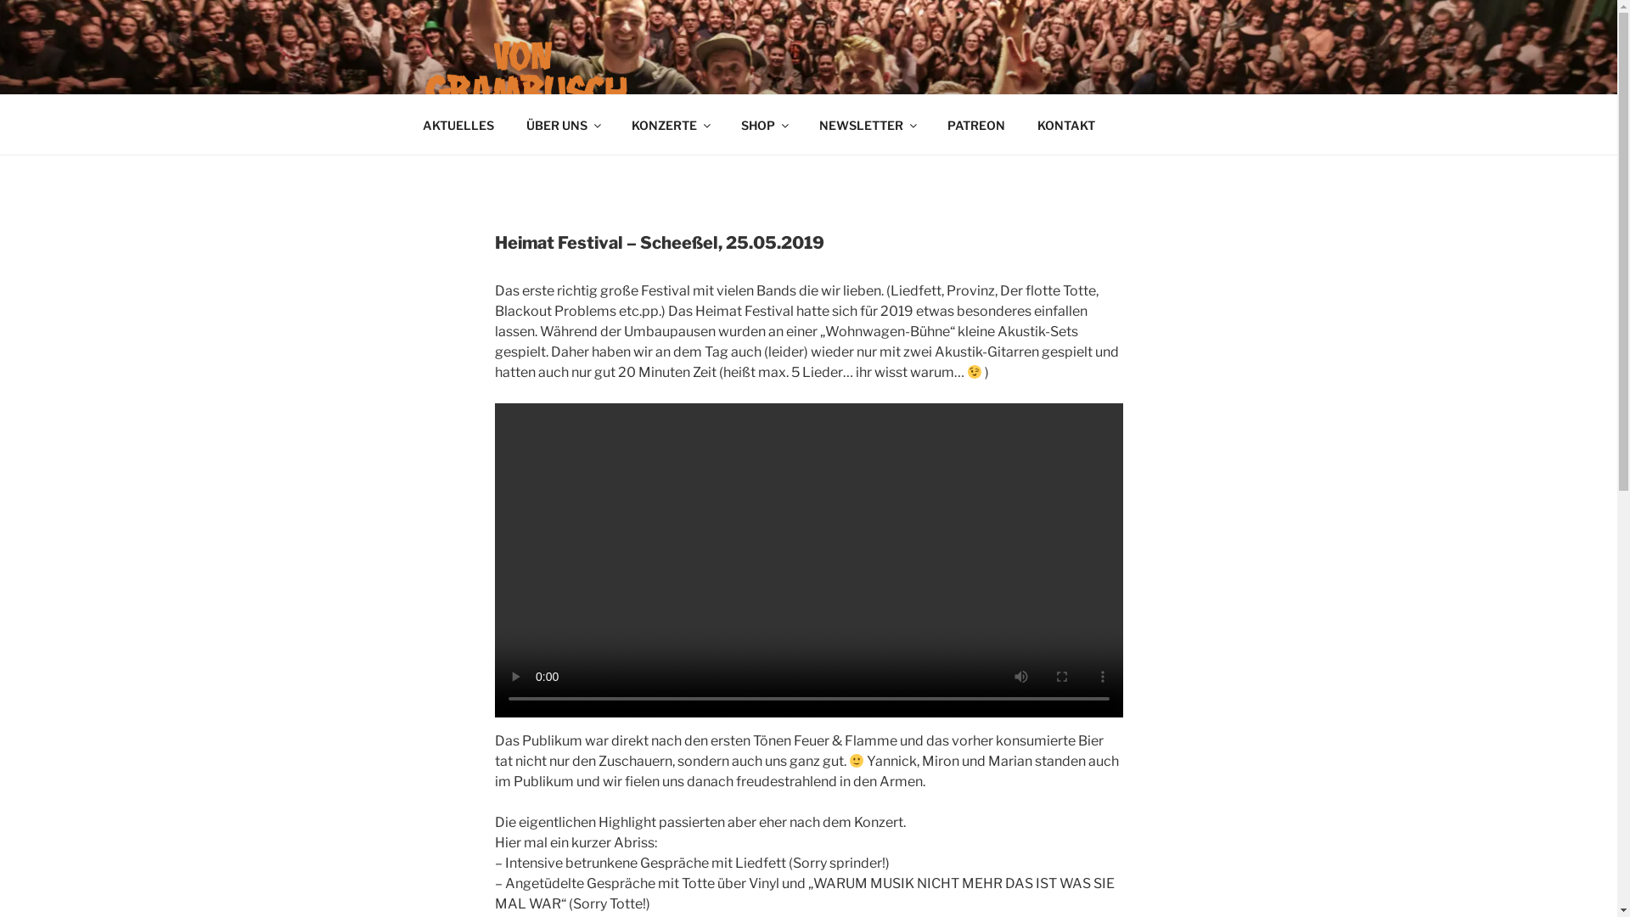 The height and width of the screenshot is (917, 1630). I want to click on 'KONZERTE', so click(668, 123).